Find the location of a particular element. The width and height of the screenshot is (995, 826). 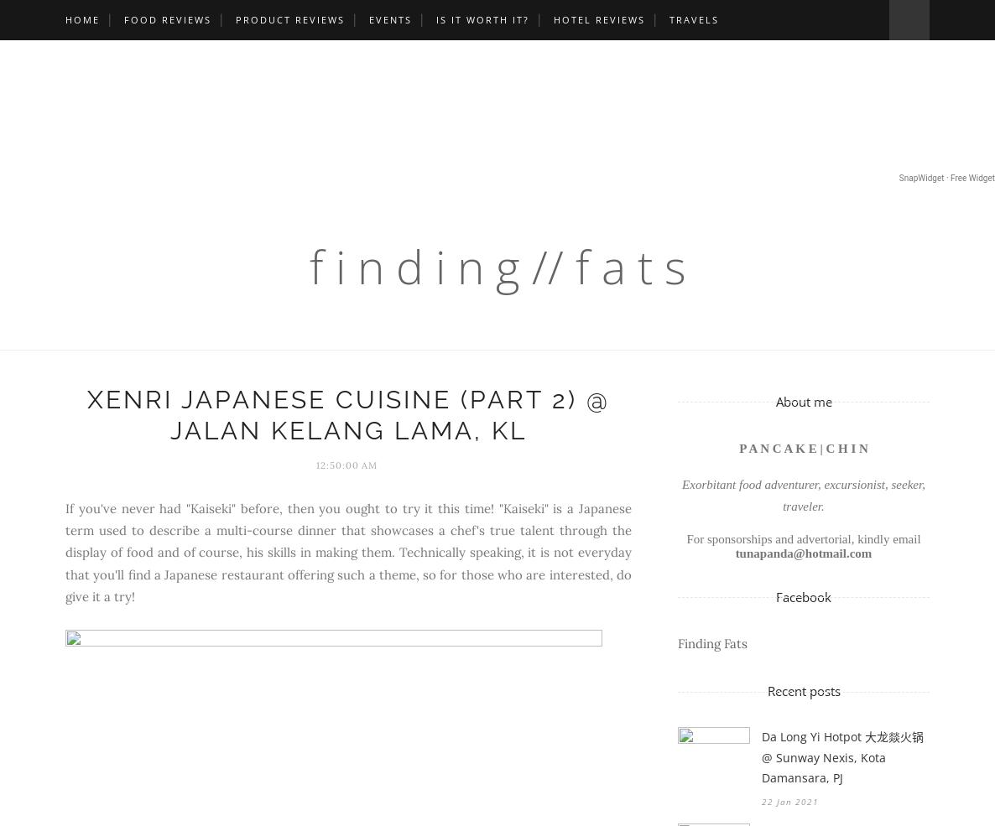

'Finding Fats' is located at coordinates (711, 642).